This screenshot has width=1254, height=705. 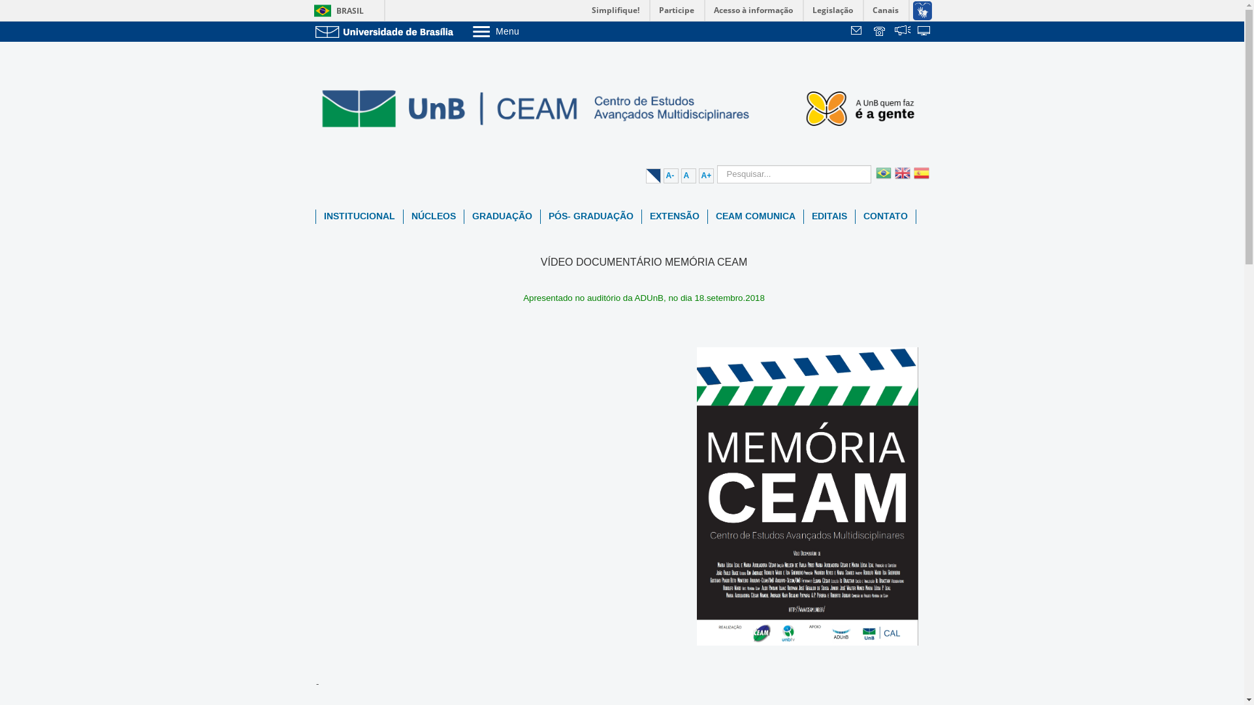 What do you see at coordinates (880, 31) in the screenshot?
I see `'Telefones da UnB'` at bounding box center [880, 31].